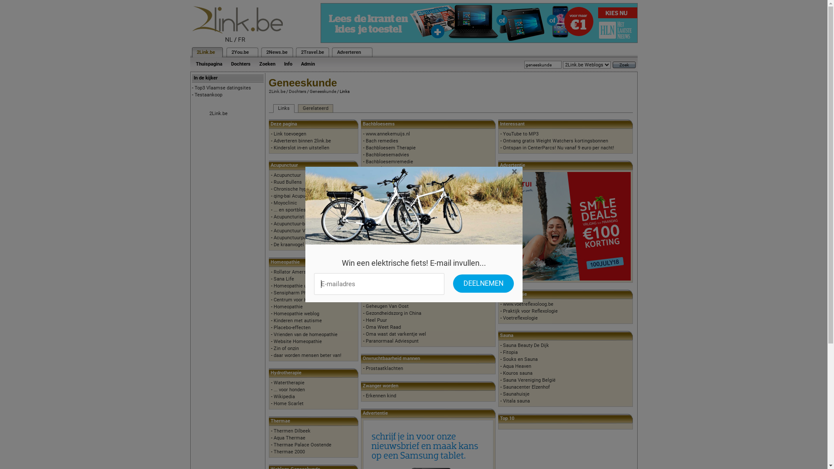 The image size is (834, 469). Describe the element at coordinates (289, 244) in the screenshot. I see `'De kraanvogel'` at that location.